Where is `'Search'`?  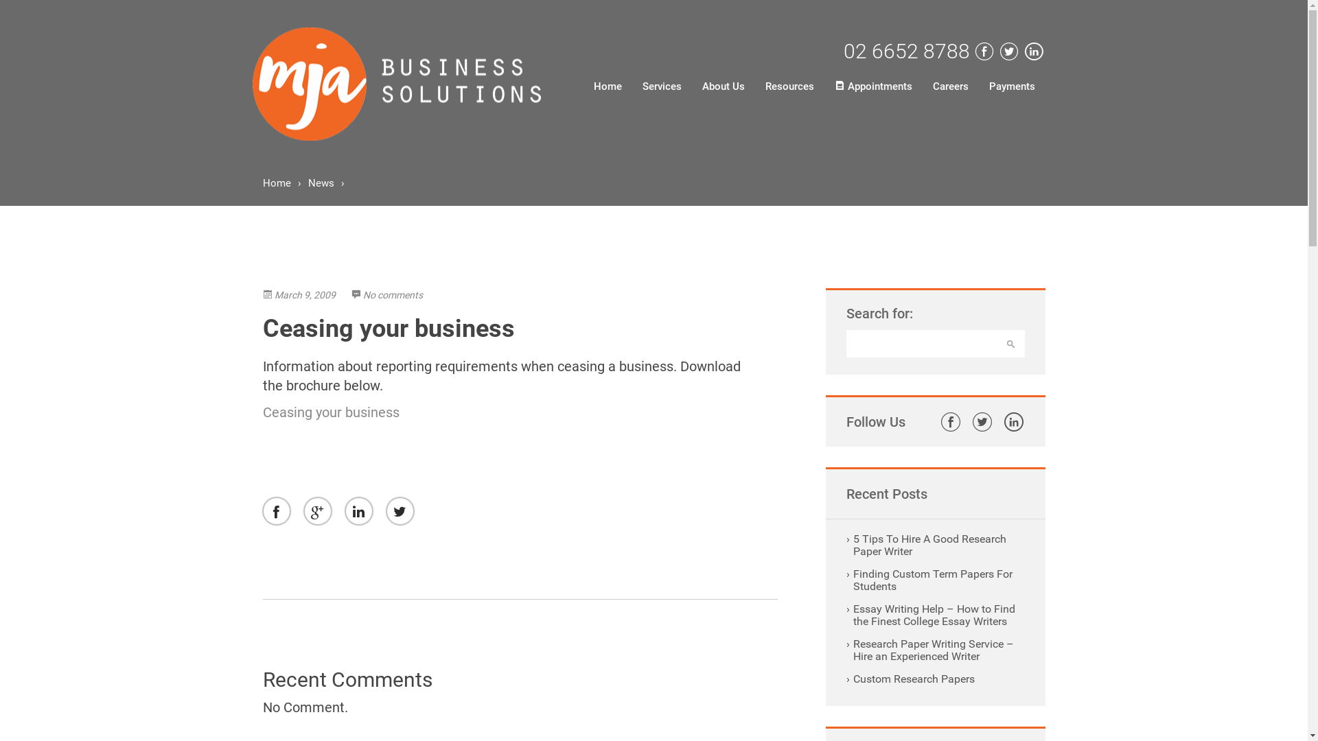 'Search' is located at coordinates (1010, 343).